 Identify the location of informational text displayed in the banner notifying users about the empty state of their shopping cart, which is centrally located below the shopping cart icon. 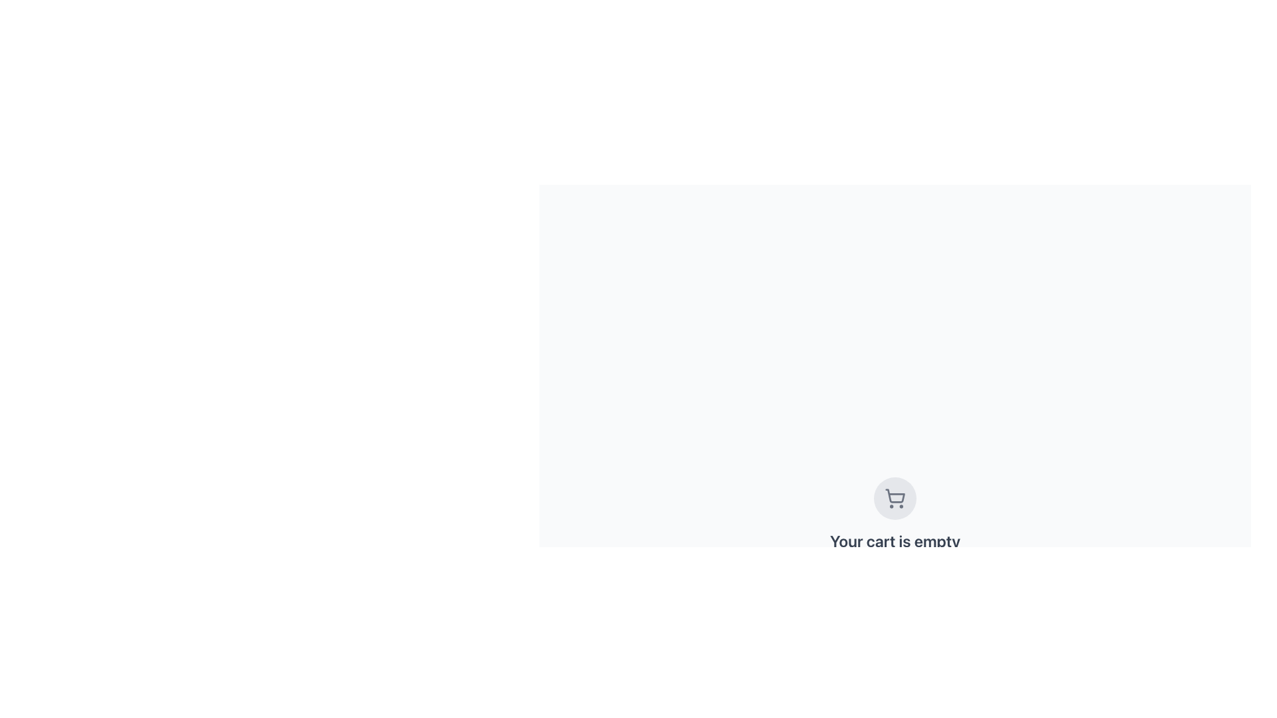
(895, 540).